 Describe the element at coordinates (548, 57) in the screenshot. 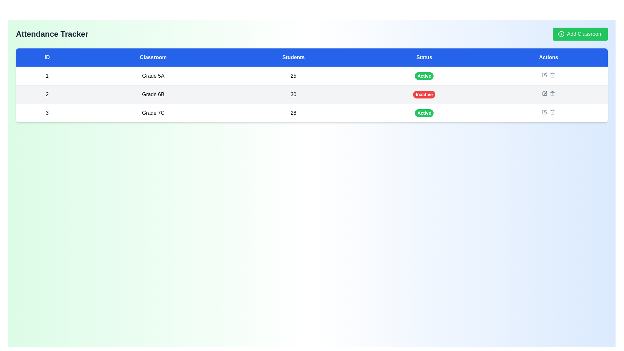

I see `the text element labeled 'Actions', which is the fifth header in a row above a table with a blue background and white centered text` at that location.